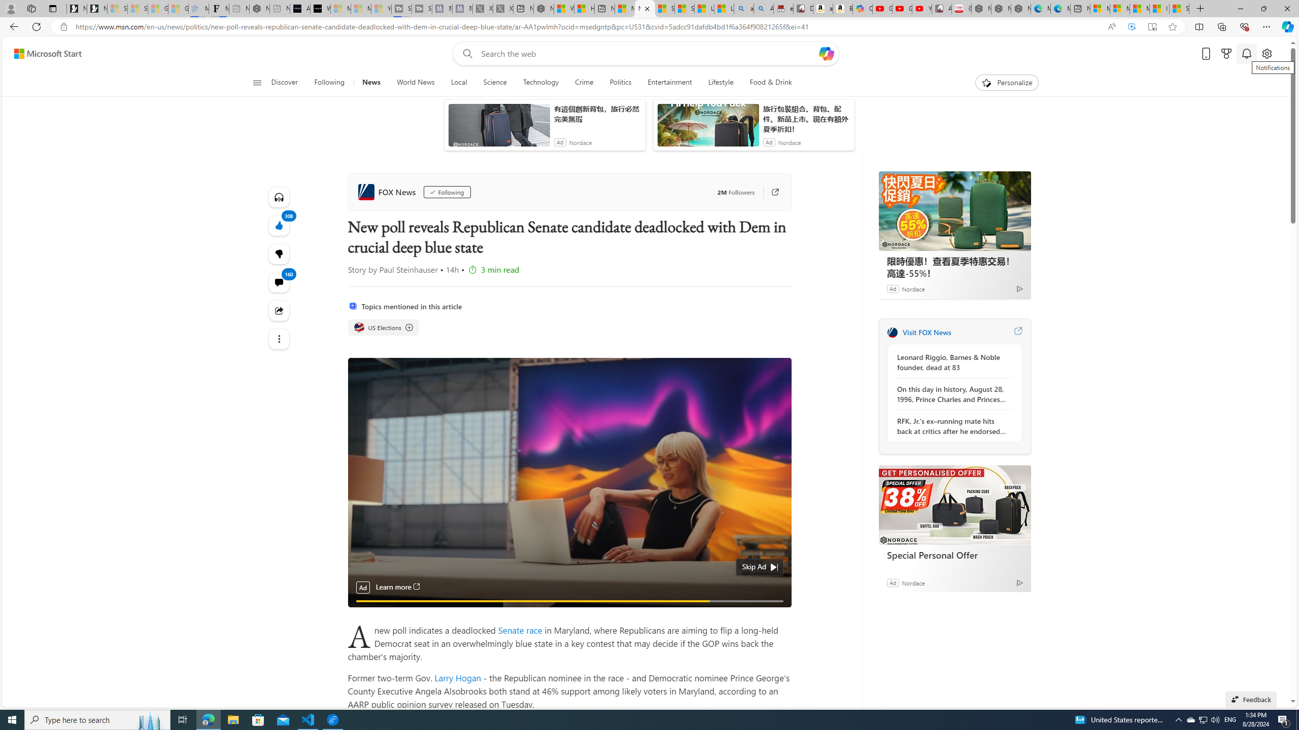 Image resolution: width=1299 pixels, height=730 pixels. What do you see at coordinates (383, 327) in the screenshot?
I see `'US Elections'` at bounding box center [383, 327].